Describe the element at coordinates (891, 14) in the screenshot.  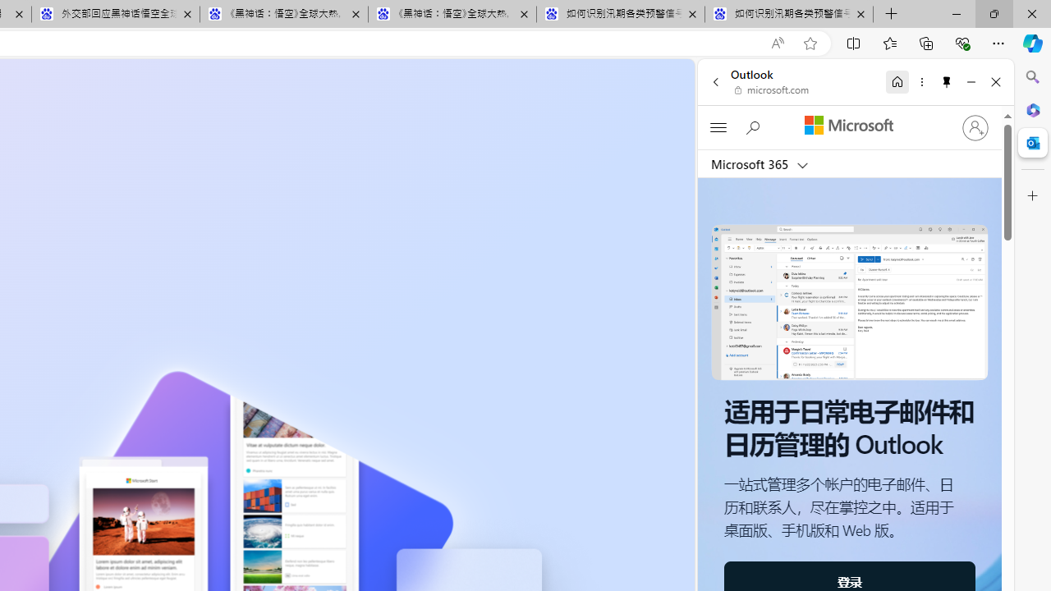
I see `'New Tab'` at that location.